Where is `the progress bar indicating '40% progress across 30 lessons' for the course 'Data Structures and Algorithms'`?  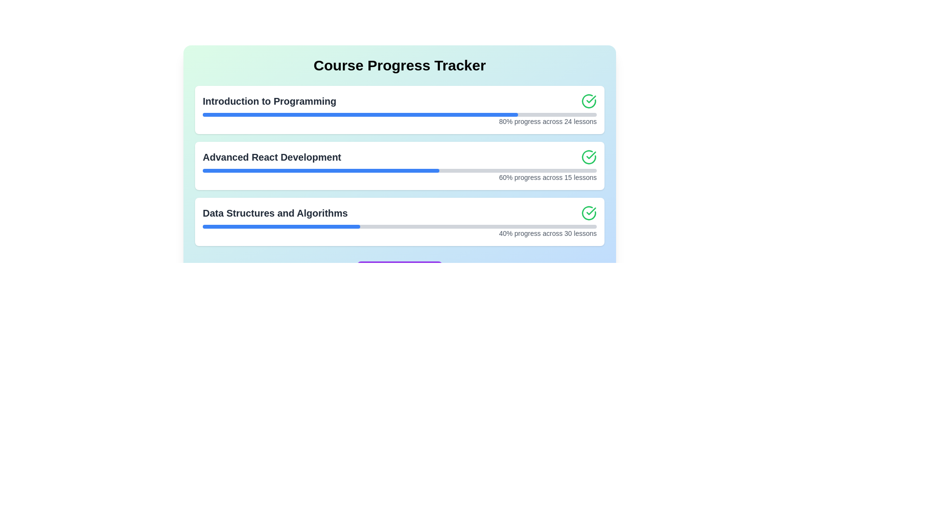 the progress bar indicating '40% progress across 30 lessons' for the course 'Data Structures and Algorithms' is located at coordinates (400, 227).